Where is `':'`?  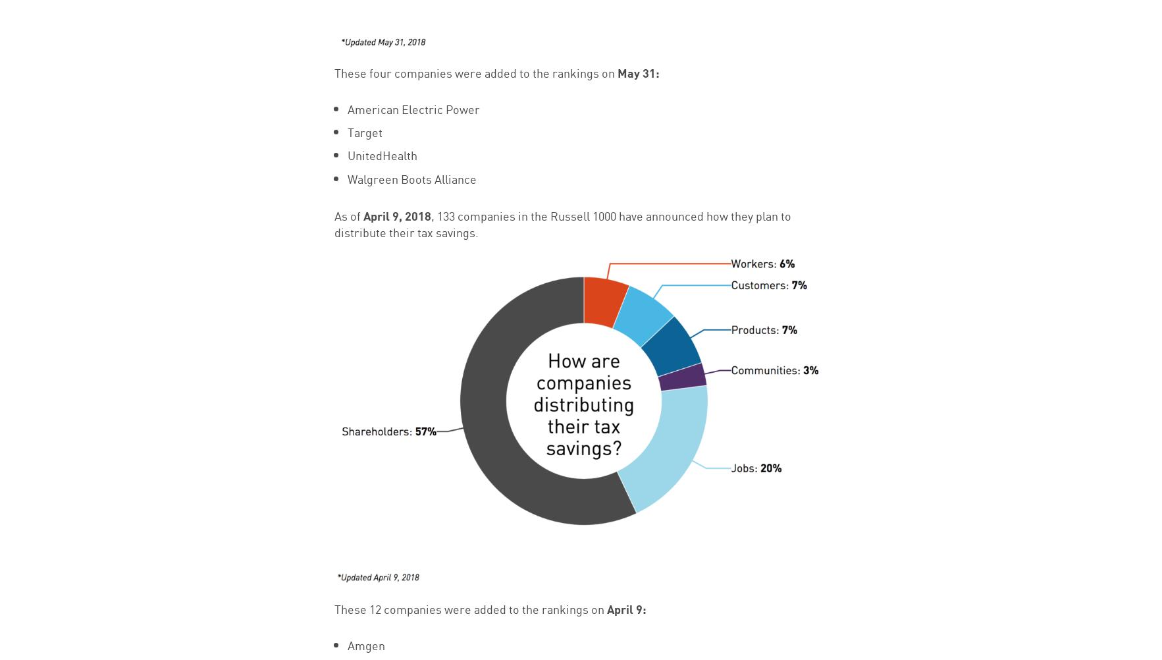
':' is located at coordinates (656, 70).